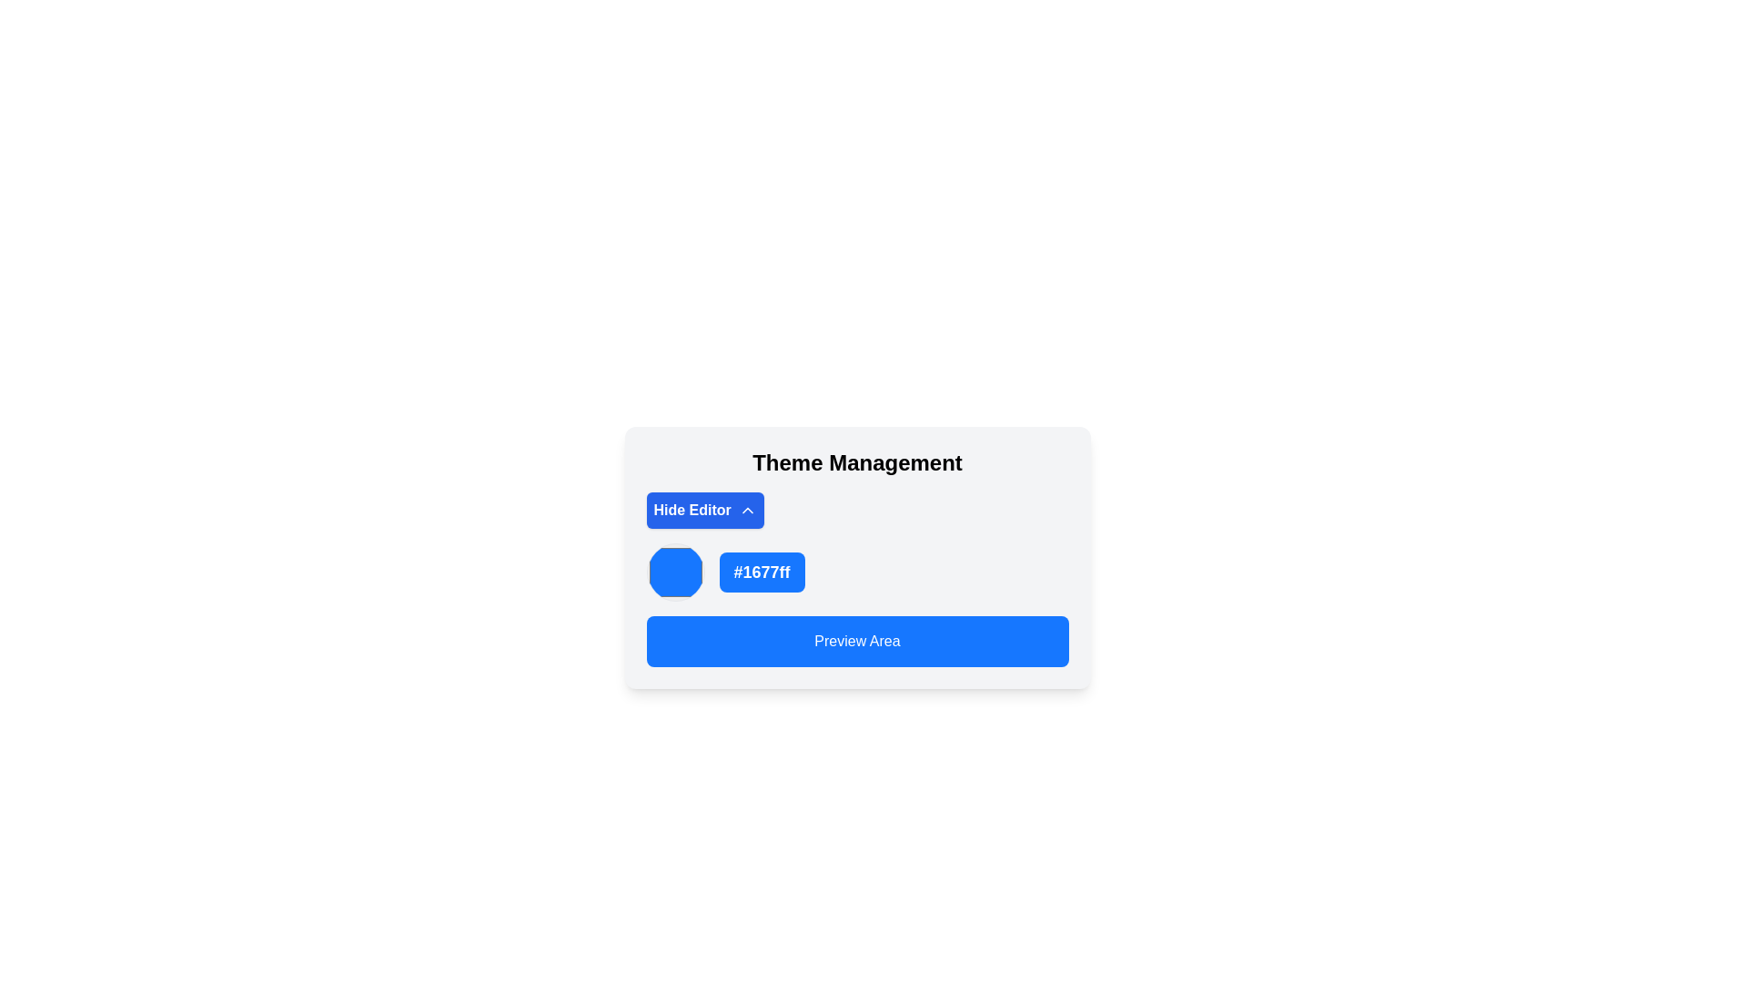 The width and height of the screenshot is (1747, 983). I want to click on the upward-pointing chevron icon inside the 'Hide Editor' button, so click(747, 510).